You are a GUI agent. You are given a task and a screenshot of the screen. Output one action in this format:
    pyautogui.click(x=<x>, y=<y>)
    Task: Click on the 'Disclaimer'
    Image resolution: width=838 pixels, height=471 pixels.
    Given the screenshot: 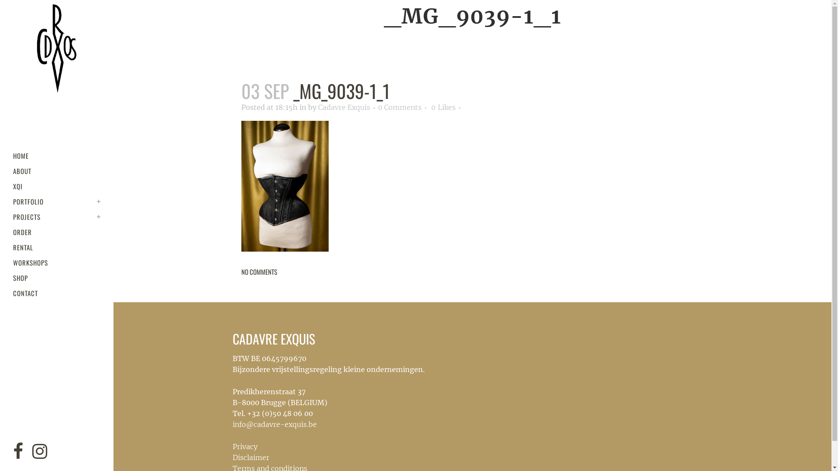 What is the action you would take?
    pyautogui.click(x=250, y=457)
    